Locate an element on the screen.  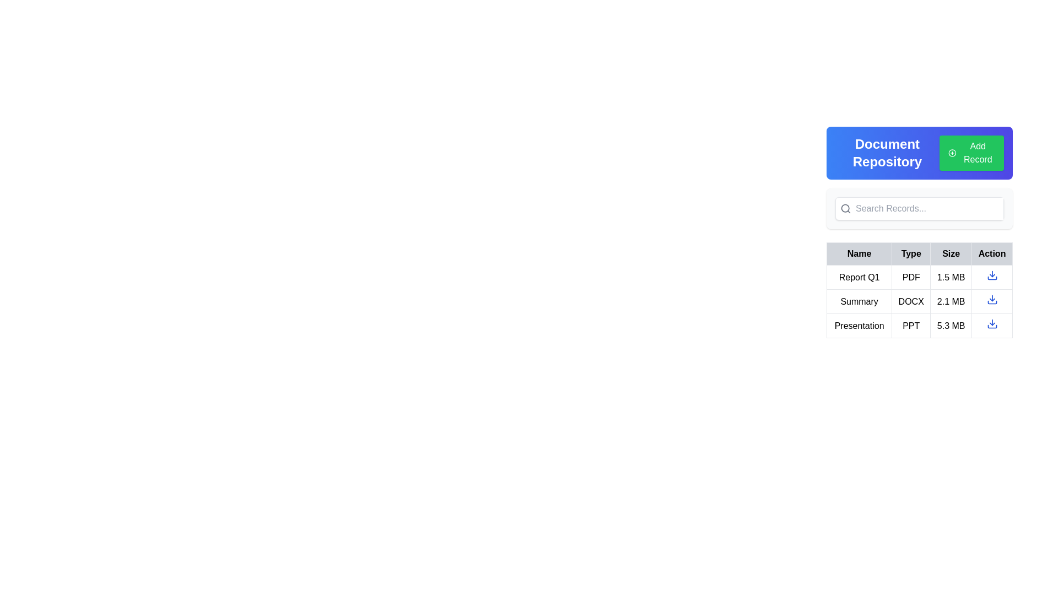
the download button for the 'Presentation' row is located at coordinates (992, 323).